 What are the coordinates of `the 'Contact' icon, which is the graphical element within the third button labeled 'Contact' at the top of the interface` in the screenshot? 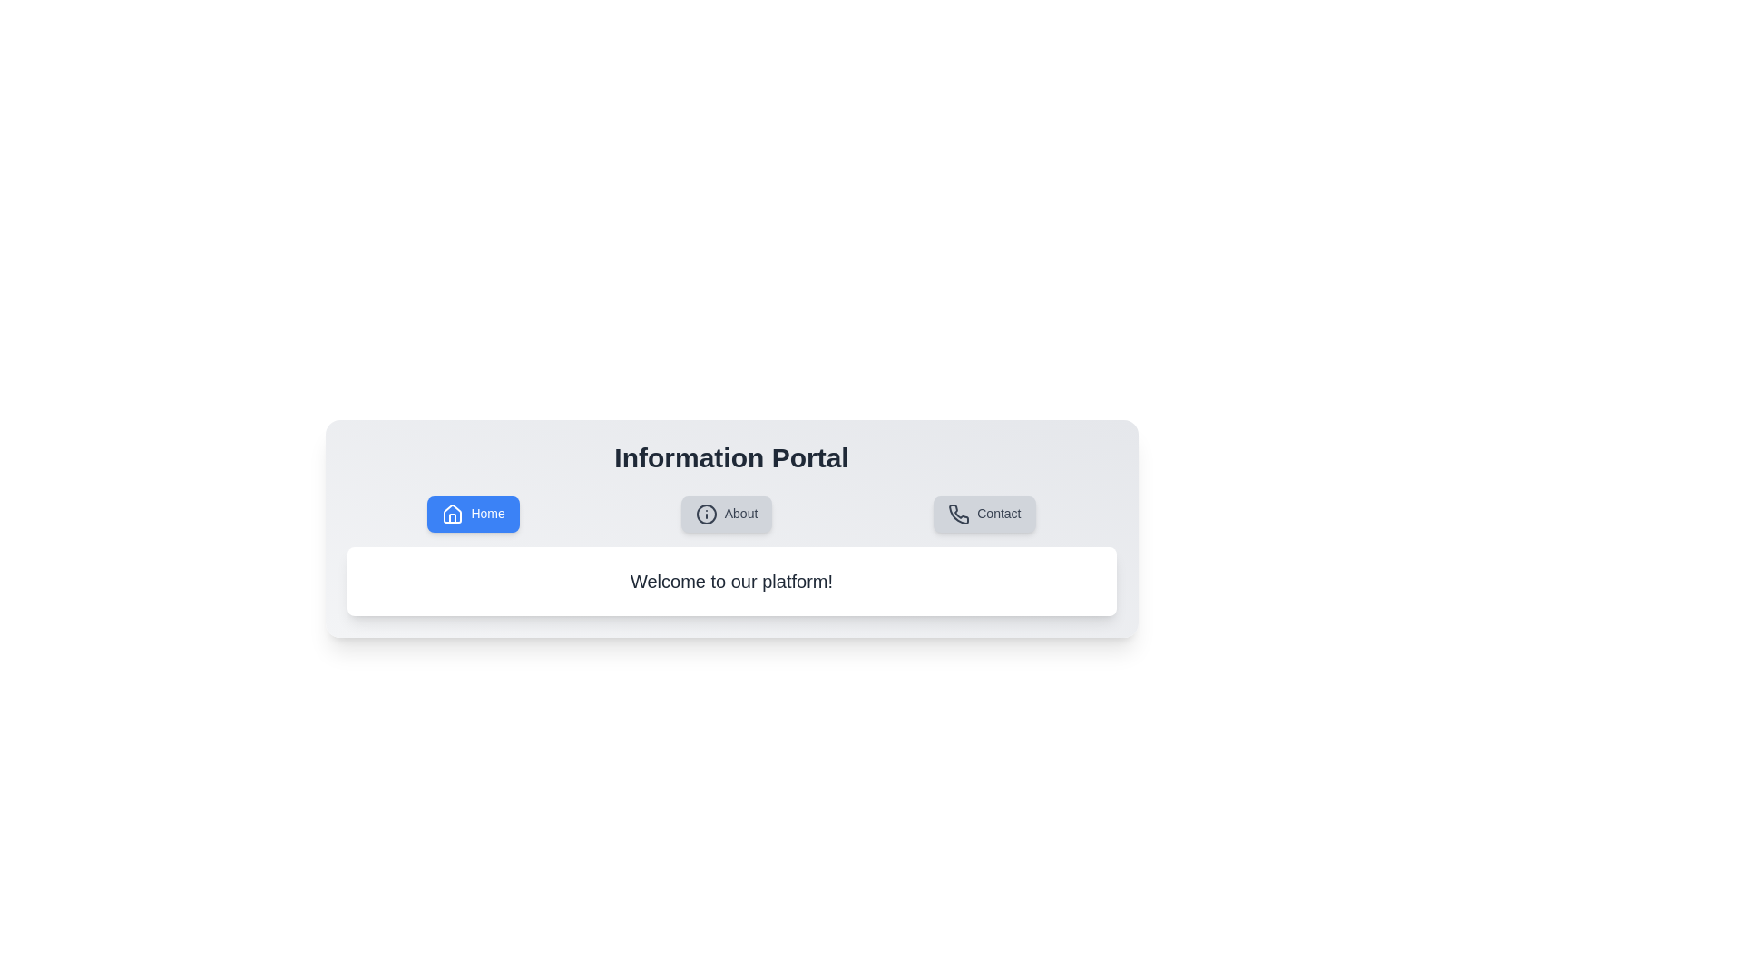 It's located at (958, 514).